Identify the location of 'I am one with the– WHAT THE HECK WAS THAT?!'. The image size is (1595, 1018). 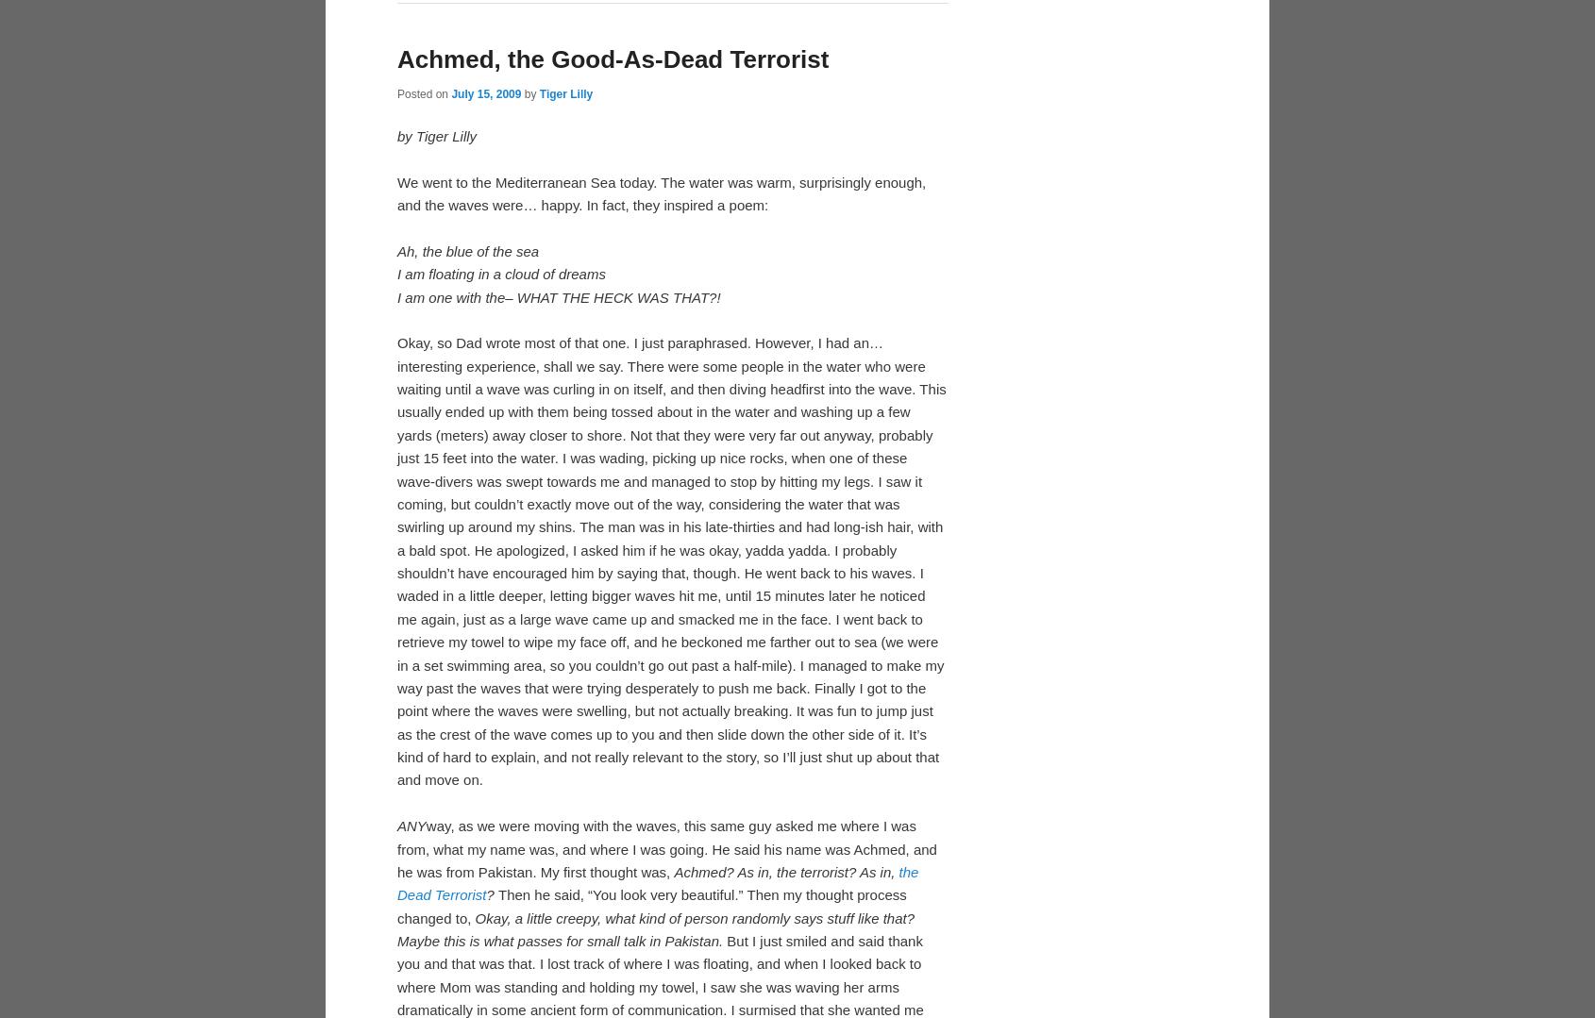
(559, 604).